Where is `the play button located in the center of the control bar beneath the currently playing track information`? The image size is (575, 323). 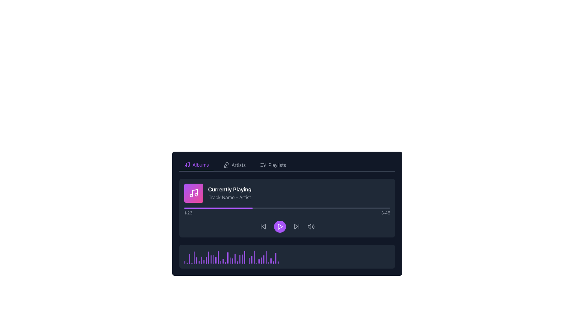
the play button located in the center of the control bar beneath the currently playing track information is located at coordinates (280, 227).